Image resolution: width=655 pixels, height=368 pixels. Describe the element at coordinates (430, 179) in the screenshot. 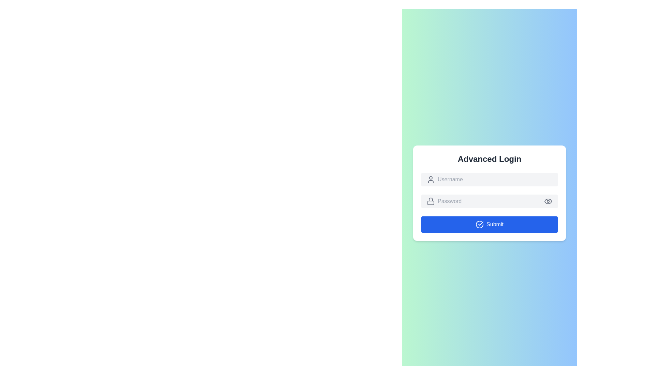

I see `the visual indicator icon that signifies the adjacent input box for entering a username, located to the left of the 'Username' input field in the login form` at that location.